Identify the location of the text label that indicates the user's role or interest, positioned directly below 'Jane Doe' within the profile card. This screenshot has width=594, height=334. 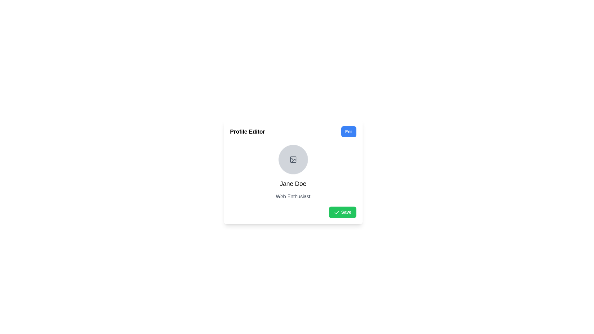
(293, 197).